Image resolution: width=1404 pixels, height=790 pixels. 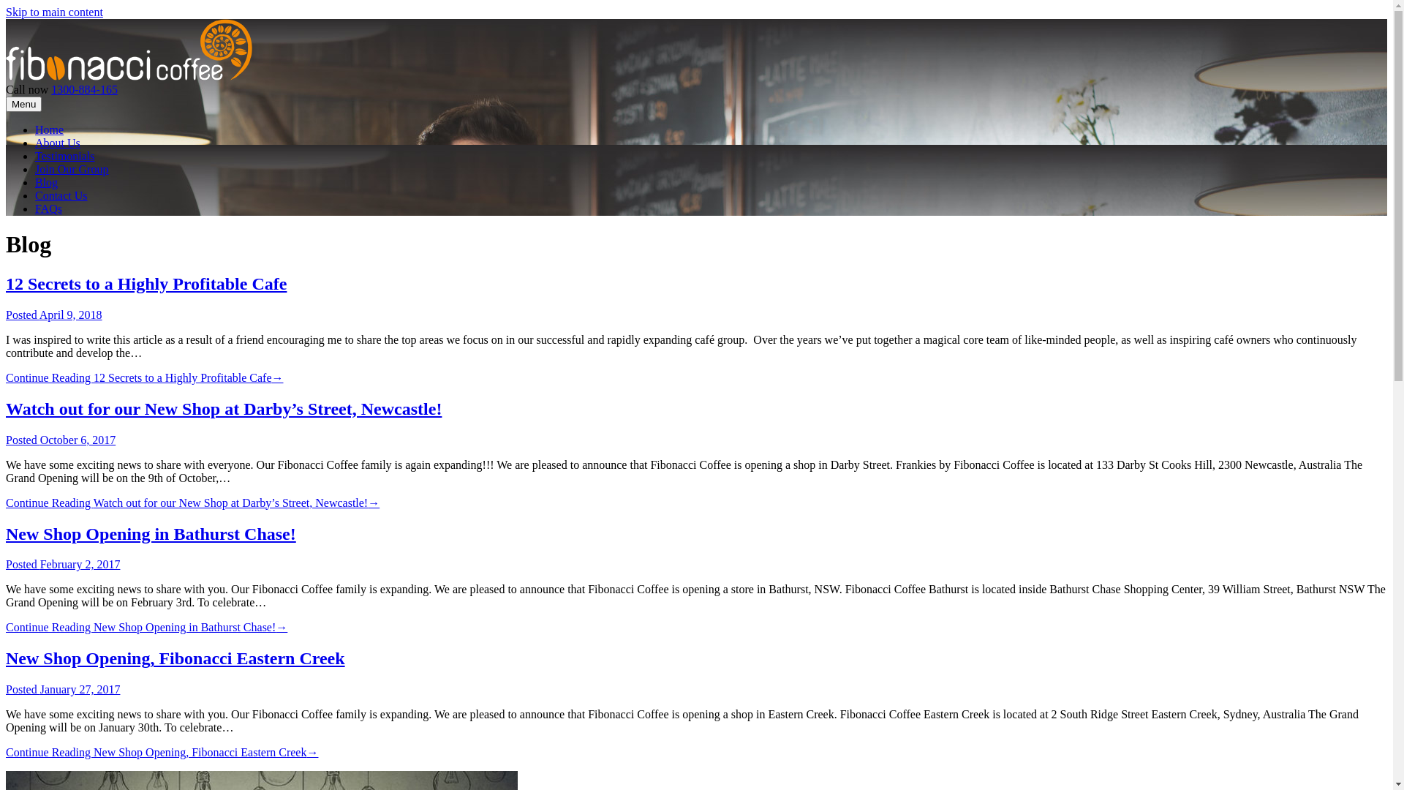 I want to click on 'Posted October 6, 2017', so click(x=6, y=439).